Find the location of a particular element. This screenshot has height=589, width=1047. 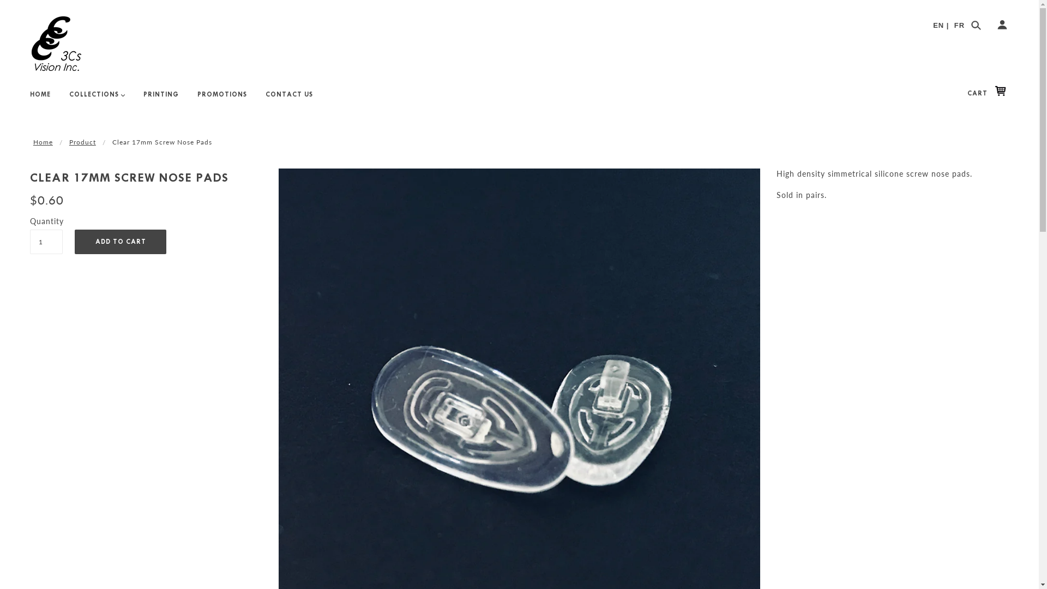

'EN |' is located at coordinates (932, 25).